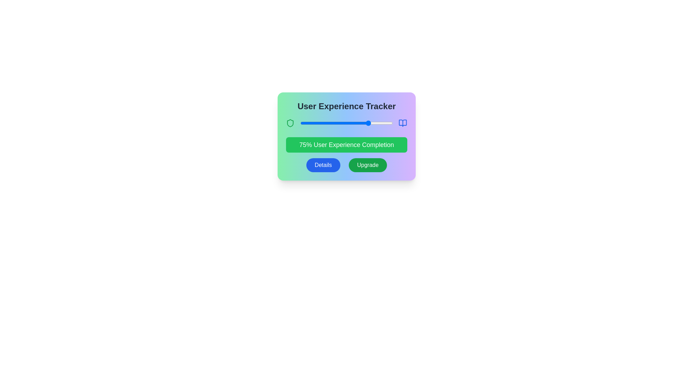 The height and width of the screenshot is (378, 673). Describe the element at coordinates (323, 165) in the screenshot. I see `the 'Details' button to view more information` at that location.